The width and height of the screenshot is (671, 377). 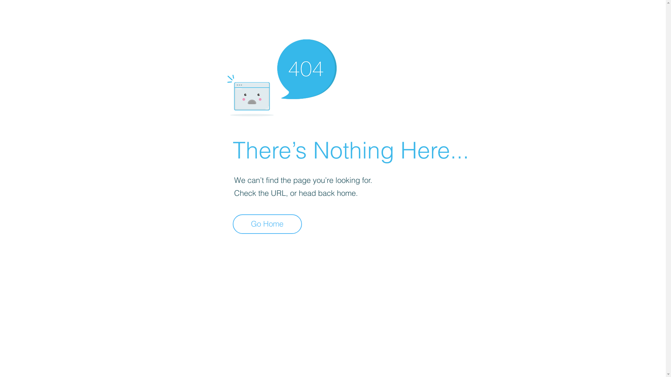 What do you see at coordinates (267, 224) in the screenshot?
I see `'Go Home'` at bounding box center [267, 224].